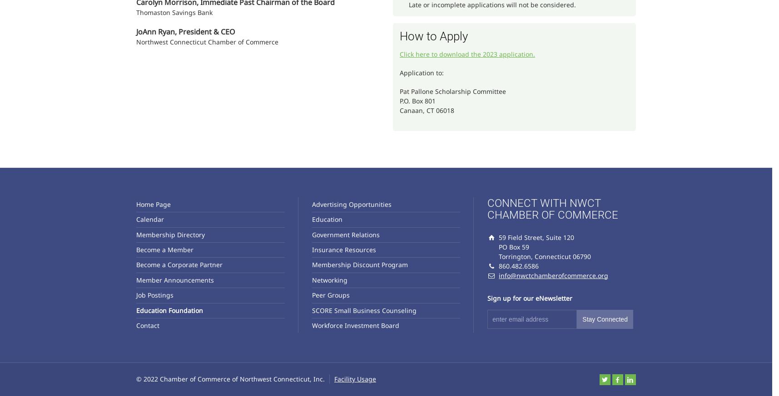 Image resolution: width=779 pixels, height=396 pixels. What do you see at coordinates (327, 219) in the screenshot?
I see `'Education'` at bounding box center [327, 219].